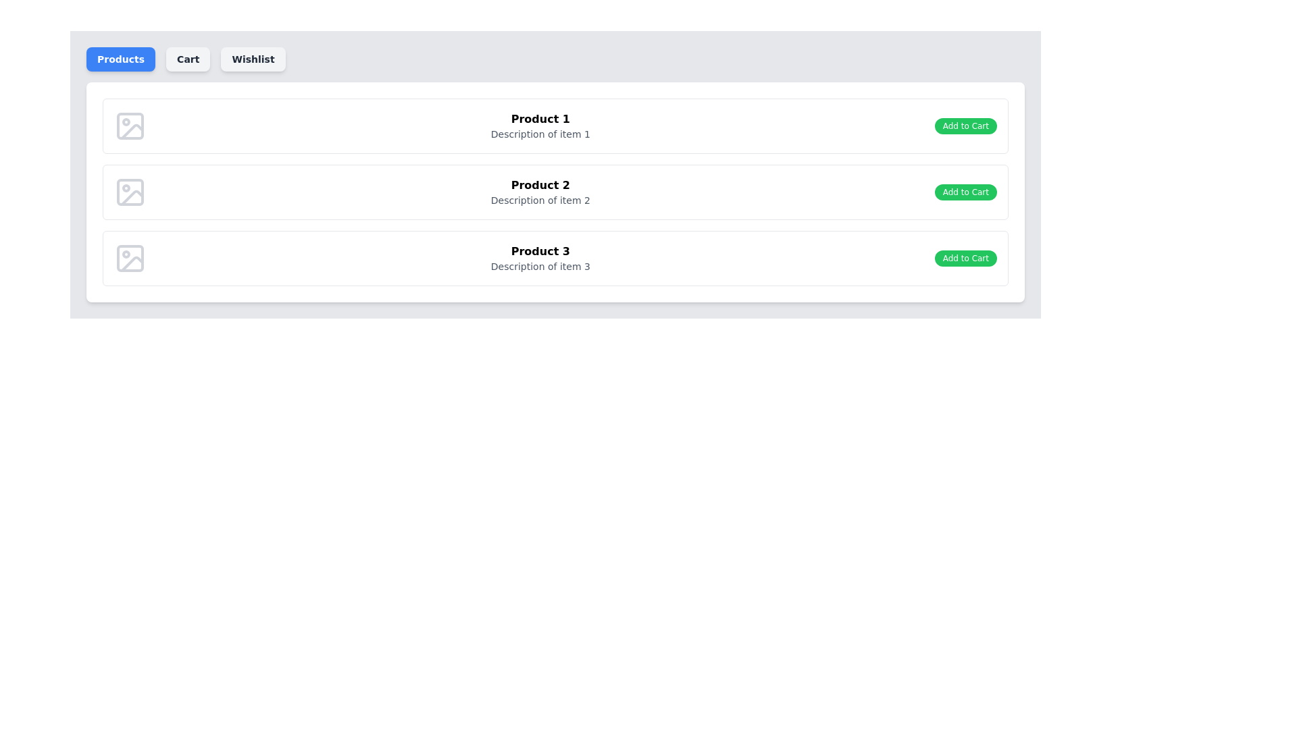 This screenshot has height=729, width=1297. What do you see at coordinates (540, 258) in the screenshot?
I see `text content from the Text block displaying 'Product 3' in bold and 'Description of item 3' below it, located in the third item row of the list` at bounding box center [540, 258].